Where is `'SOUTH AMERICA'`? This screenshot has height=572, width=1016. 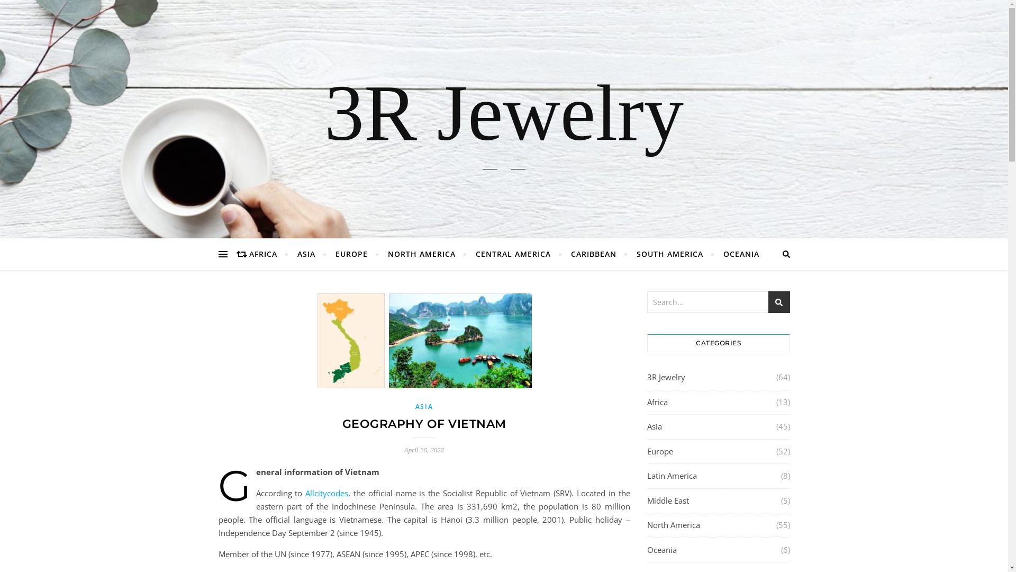
'SOUTH AMERICA' is located at coordinates (669, 254).